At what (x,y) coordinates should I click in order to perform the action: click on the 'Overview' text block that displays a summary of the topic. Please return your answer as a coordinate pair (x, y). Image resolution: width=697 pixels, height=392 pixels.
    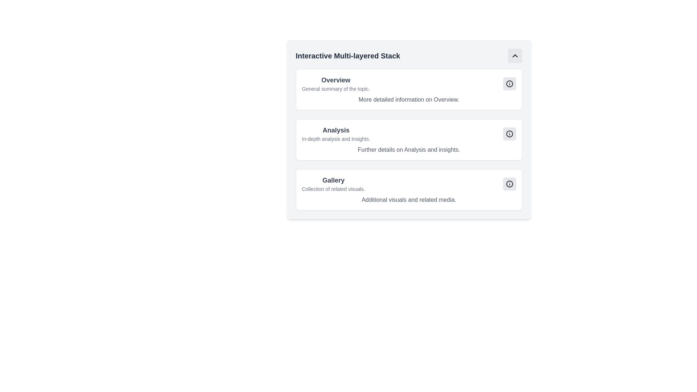
    Looking at the image, I should click on (335, 83).